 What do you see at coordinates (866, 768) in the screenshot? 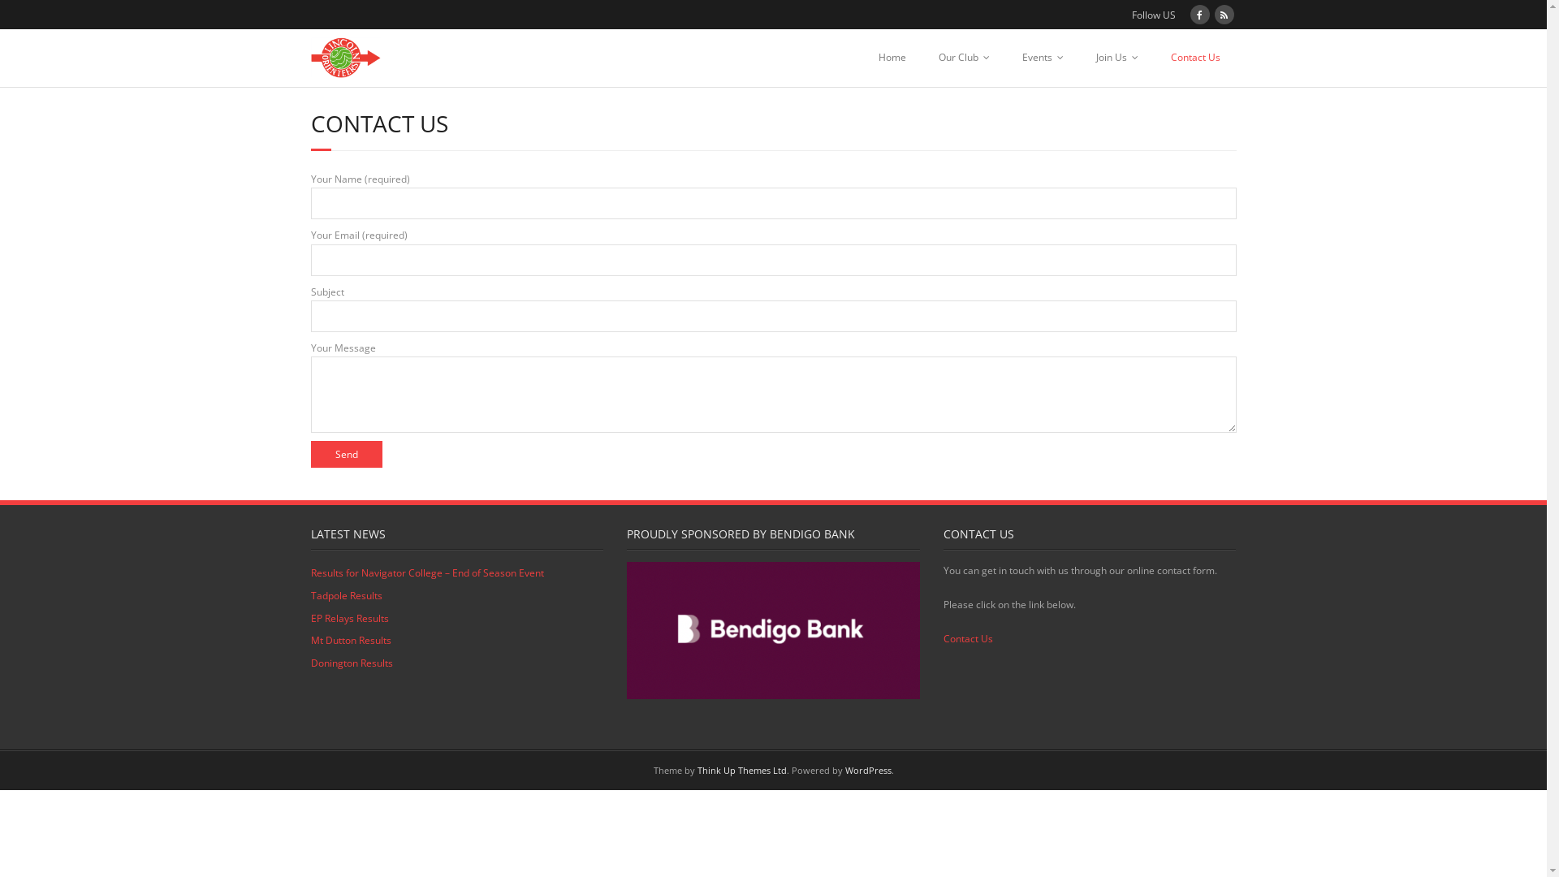
I see `'WordPress'` at bounding box center [866, 768].